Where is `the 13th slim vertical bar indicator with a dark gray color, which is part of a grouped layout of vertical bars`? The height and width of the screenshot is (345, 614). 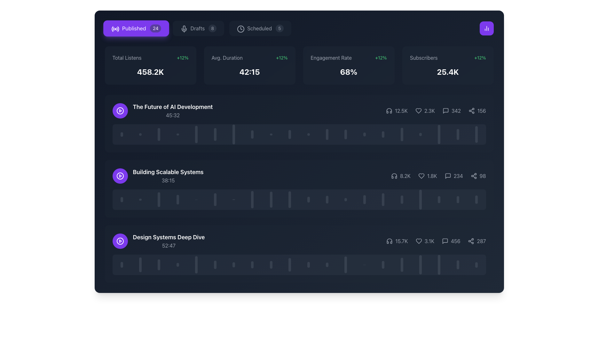 the 13th slim vertical bar indicator with a dark gray color, which is part of a grouped layout of vertical bars is located at coordinates (345, 134).